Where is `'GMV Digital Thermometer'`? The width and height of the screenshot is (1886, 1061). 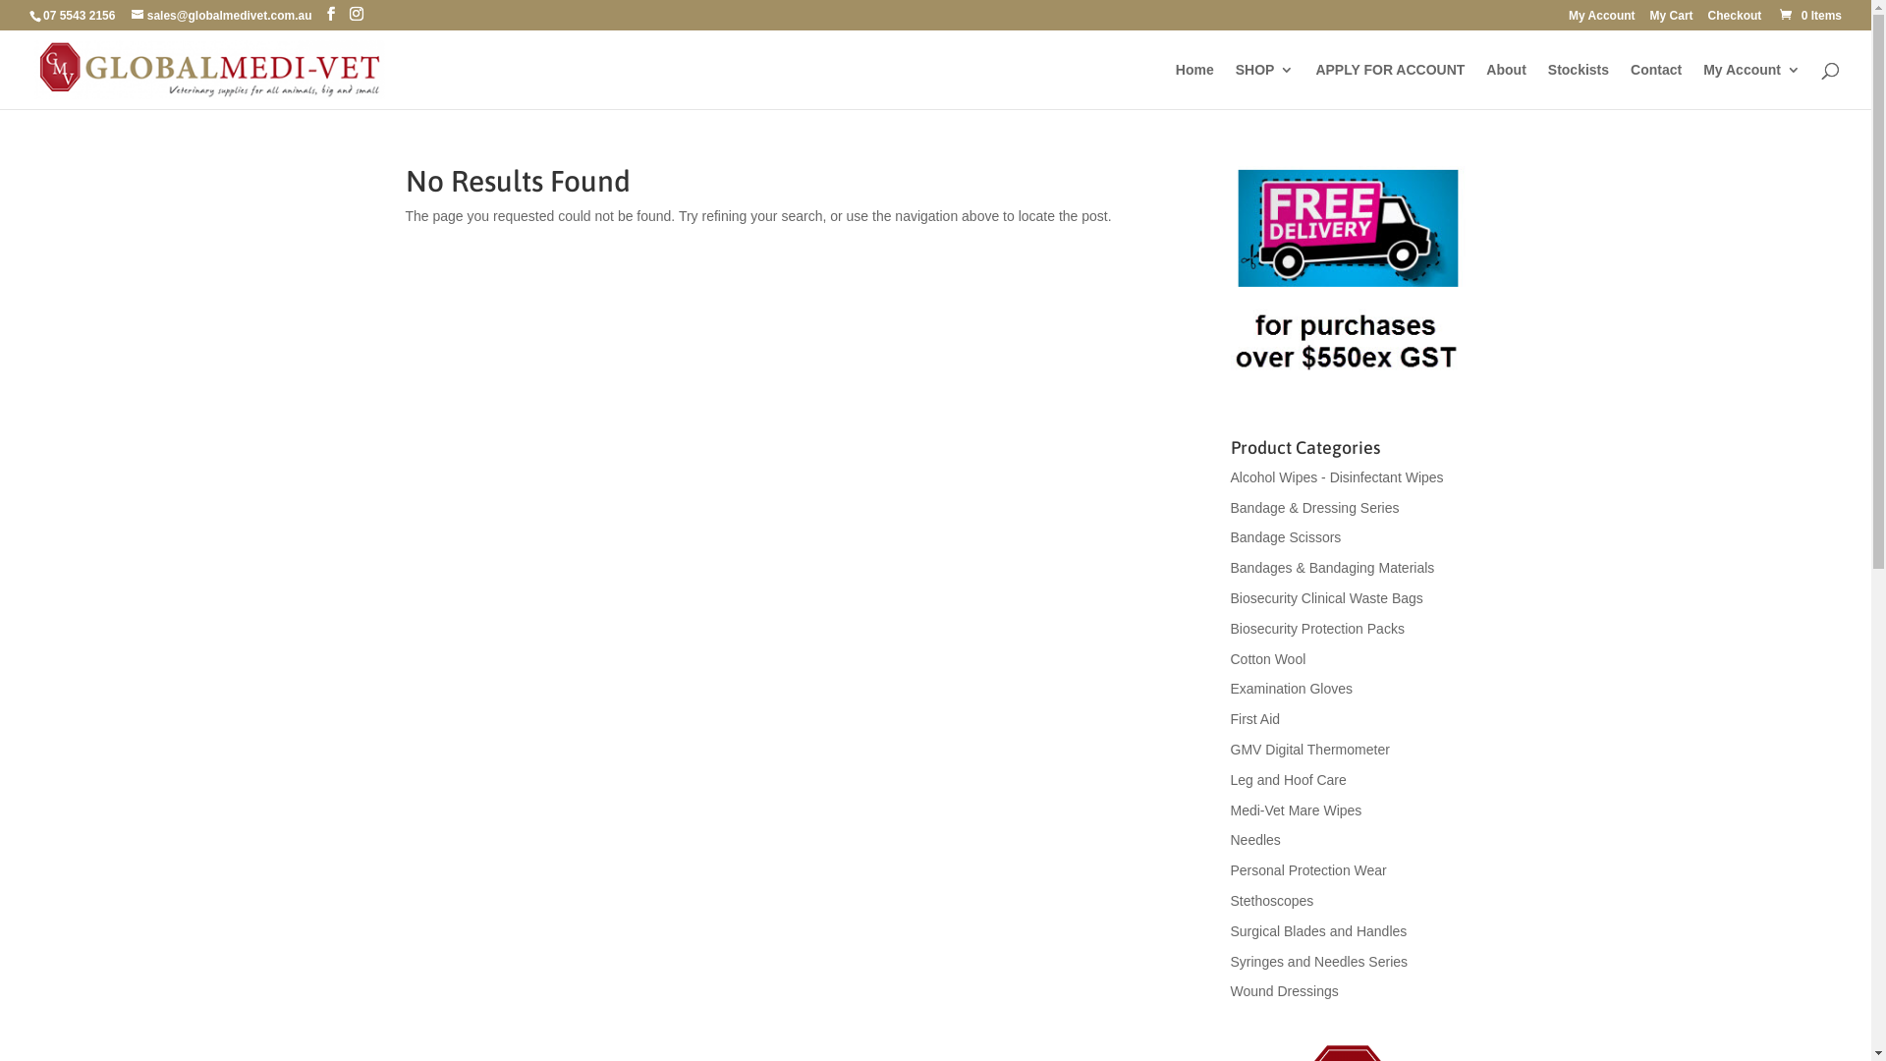 'GMV Digital Thermometer' is located at coordinates (1309, 750).